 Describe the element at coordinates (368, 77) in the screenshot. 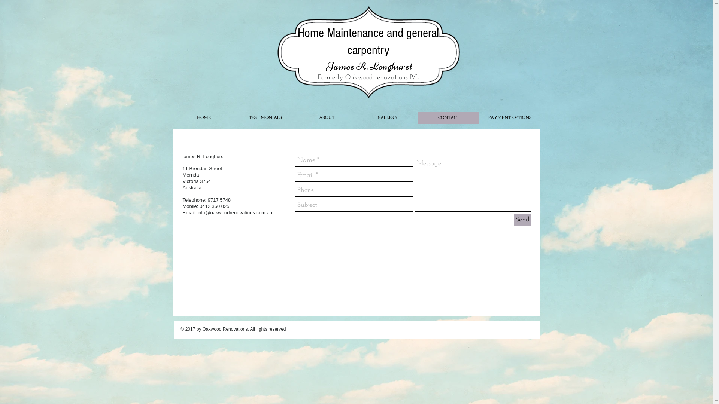

I see `'Formerly Oakwood renovations P/L'` at that location.